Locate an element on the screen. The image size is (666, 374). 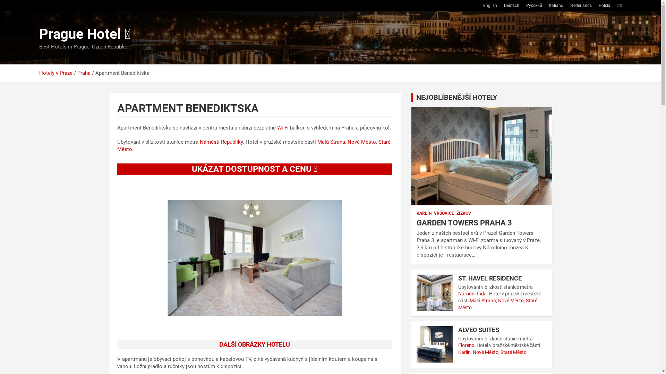
'Skip to content' is located at coordinates (0, 0).